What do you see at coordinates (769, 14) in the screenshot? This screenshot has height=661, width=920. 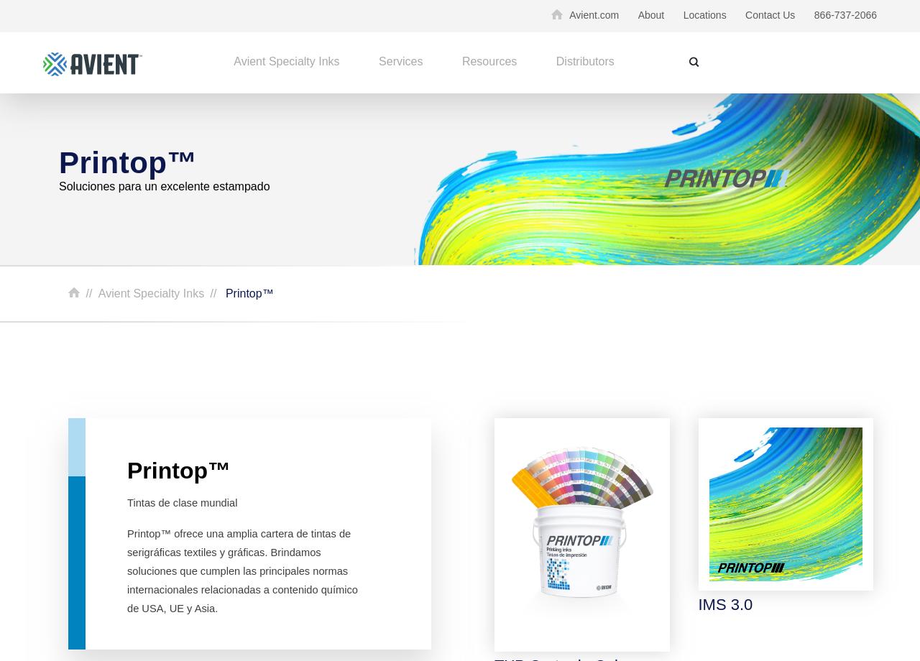 I see `'Contact Us'` at bounding box center [769, 14].